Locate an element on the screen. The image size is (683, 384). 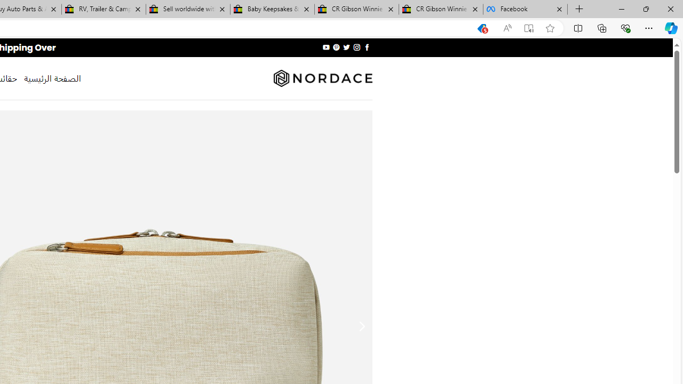
'Follow on Twitter' is located at coordinates (346, 47).